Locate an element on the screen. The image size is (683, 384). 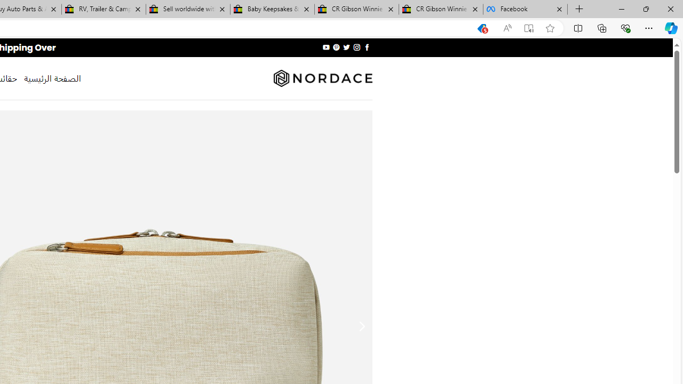
'Follow on Twitter' is located at coordinates (346, 47).